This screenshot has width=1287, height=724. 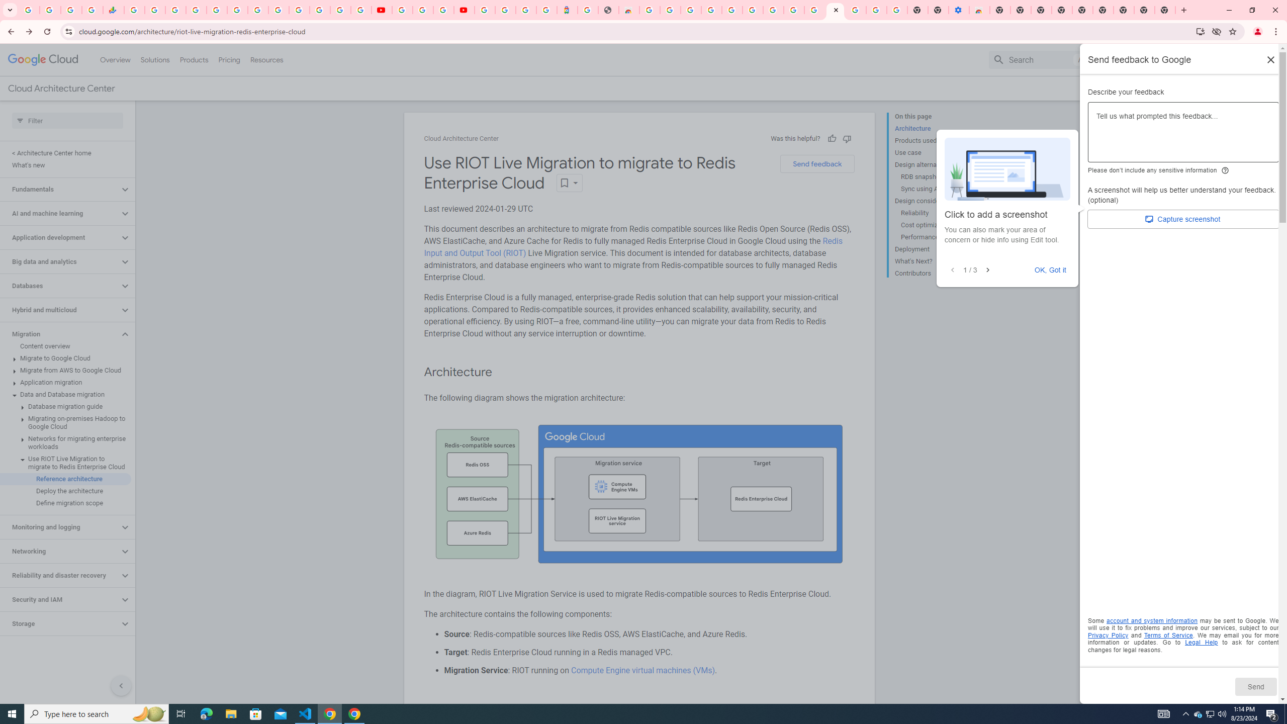 What do you see at coordinates (877, 10) in the screenshot?
I see `'Google Account Help'` at bounding box center [877, 10].